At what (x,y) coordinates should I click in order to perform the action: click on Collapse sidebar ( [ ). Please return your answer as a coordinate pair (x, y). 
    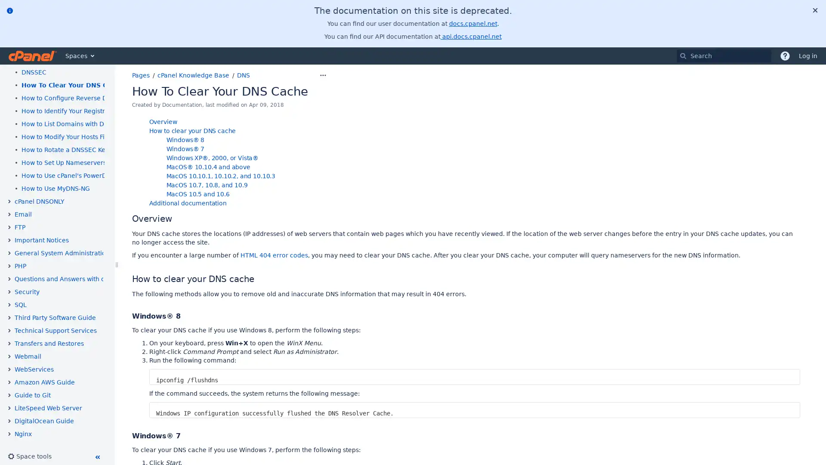
    Looking at the image, I should click on (97, 456).